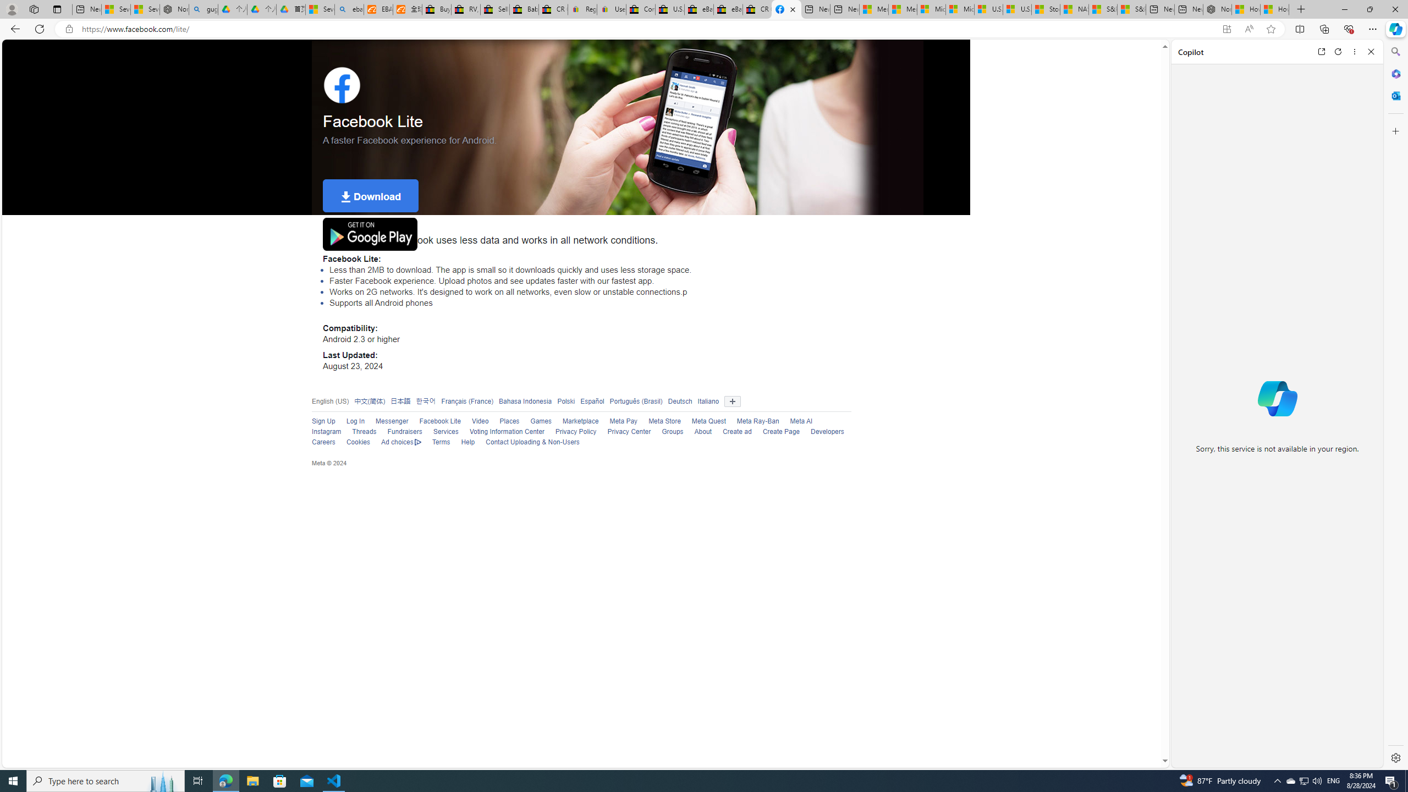 Image resolution: width=1408 pixels, height=792 pixels. I want to click on 'eBay Inc. Reports Third Quarter 2023 Results', so click(728, 9).